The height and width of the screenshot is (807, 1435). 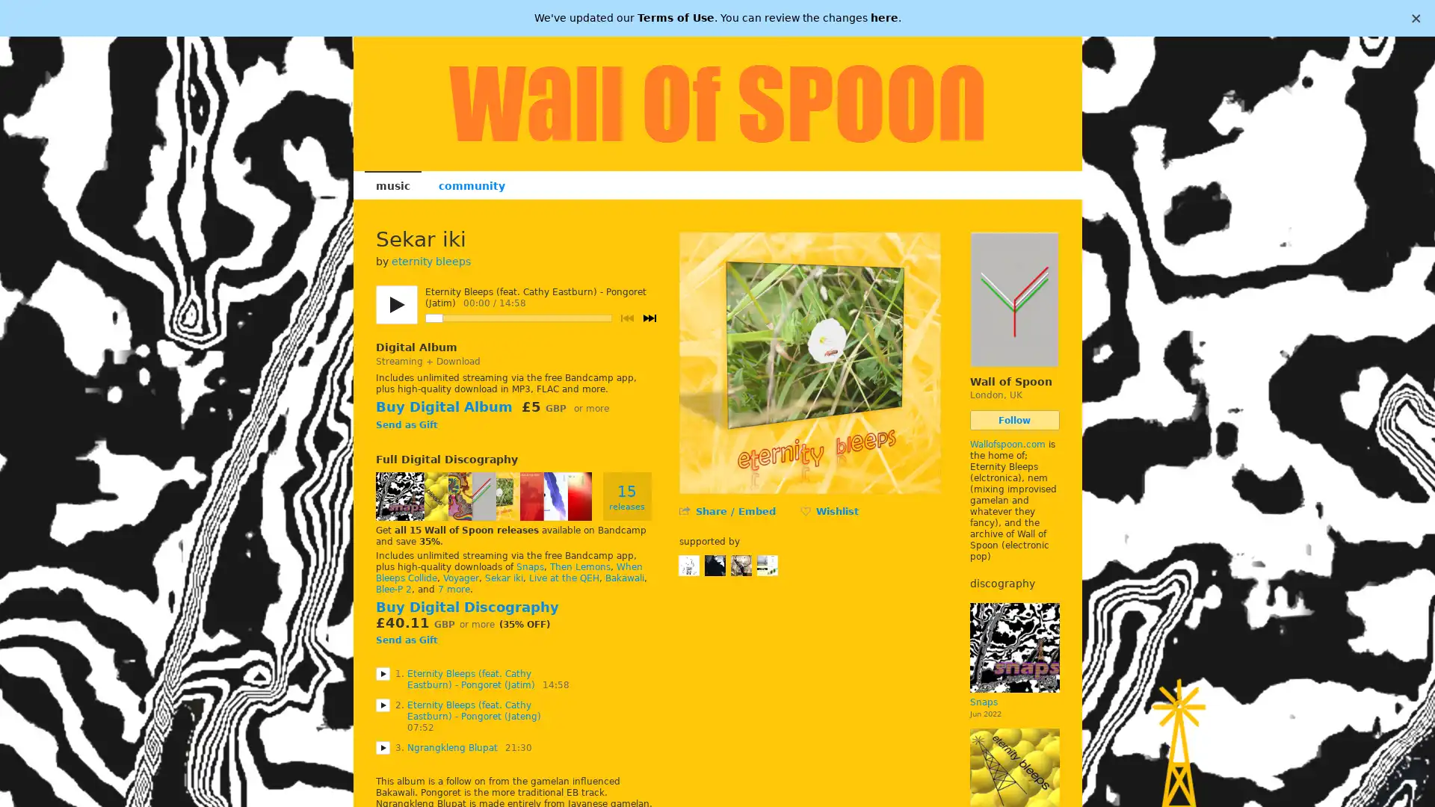 What do you see at coordinates (466, 607) in the screenshot?
I see `Buy Digital Discography` at bounding box center [466, 607].